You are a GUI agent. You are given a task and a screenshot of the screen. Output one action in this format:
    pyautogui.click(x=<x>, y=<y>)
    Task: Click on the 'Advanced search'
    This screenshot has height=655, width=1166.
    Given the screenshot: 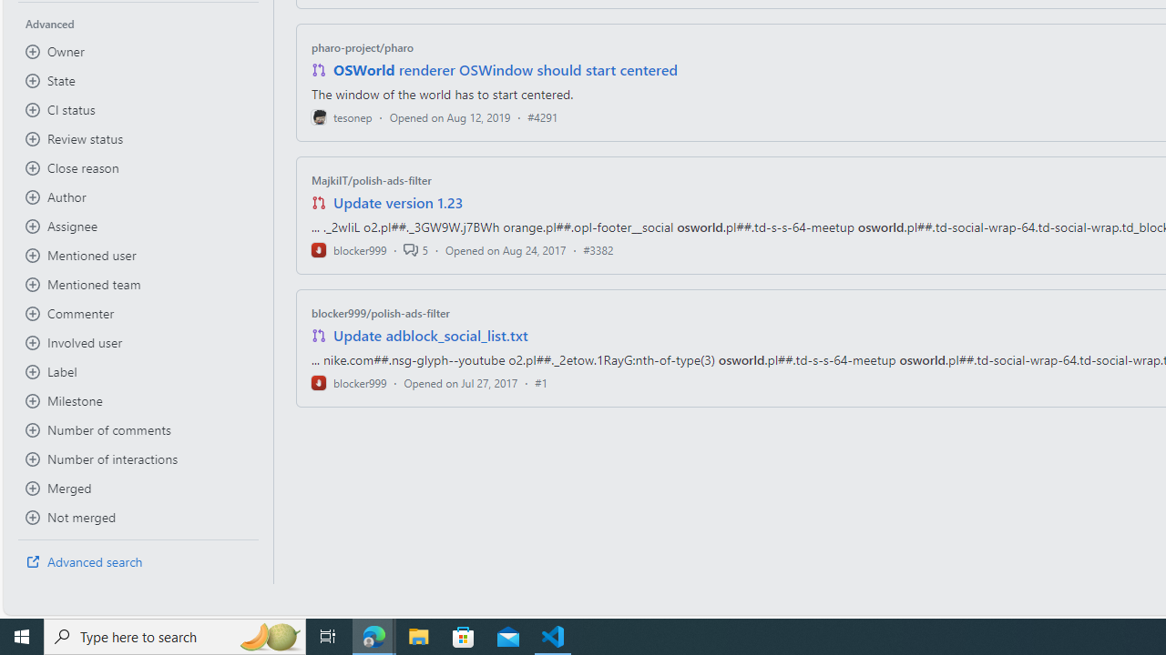 What is the action you would take?
    pyautogui.click(x=138, y=561)
    